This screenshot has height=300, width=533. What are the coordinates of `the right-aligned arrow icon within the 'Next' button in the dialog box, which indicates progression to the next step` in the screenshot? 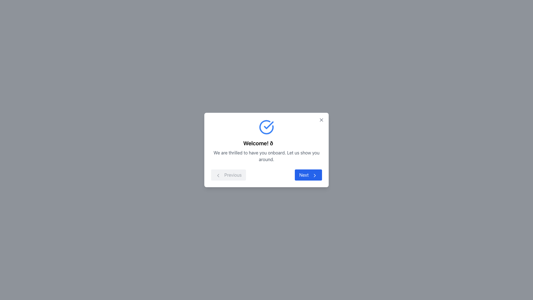 It's located at (315, 175).